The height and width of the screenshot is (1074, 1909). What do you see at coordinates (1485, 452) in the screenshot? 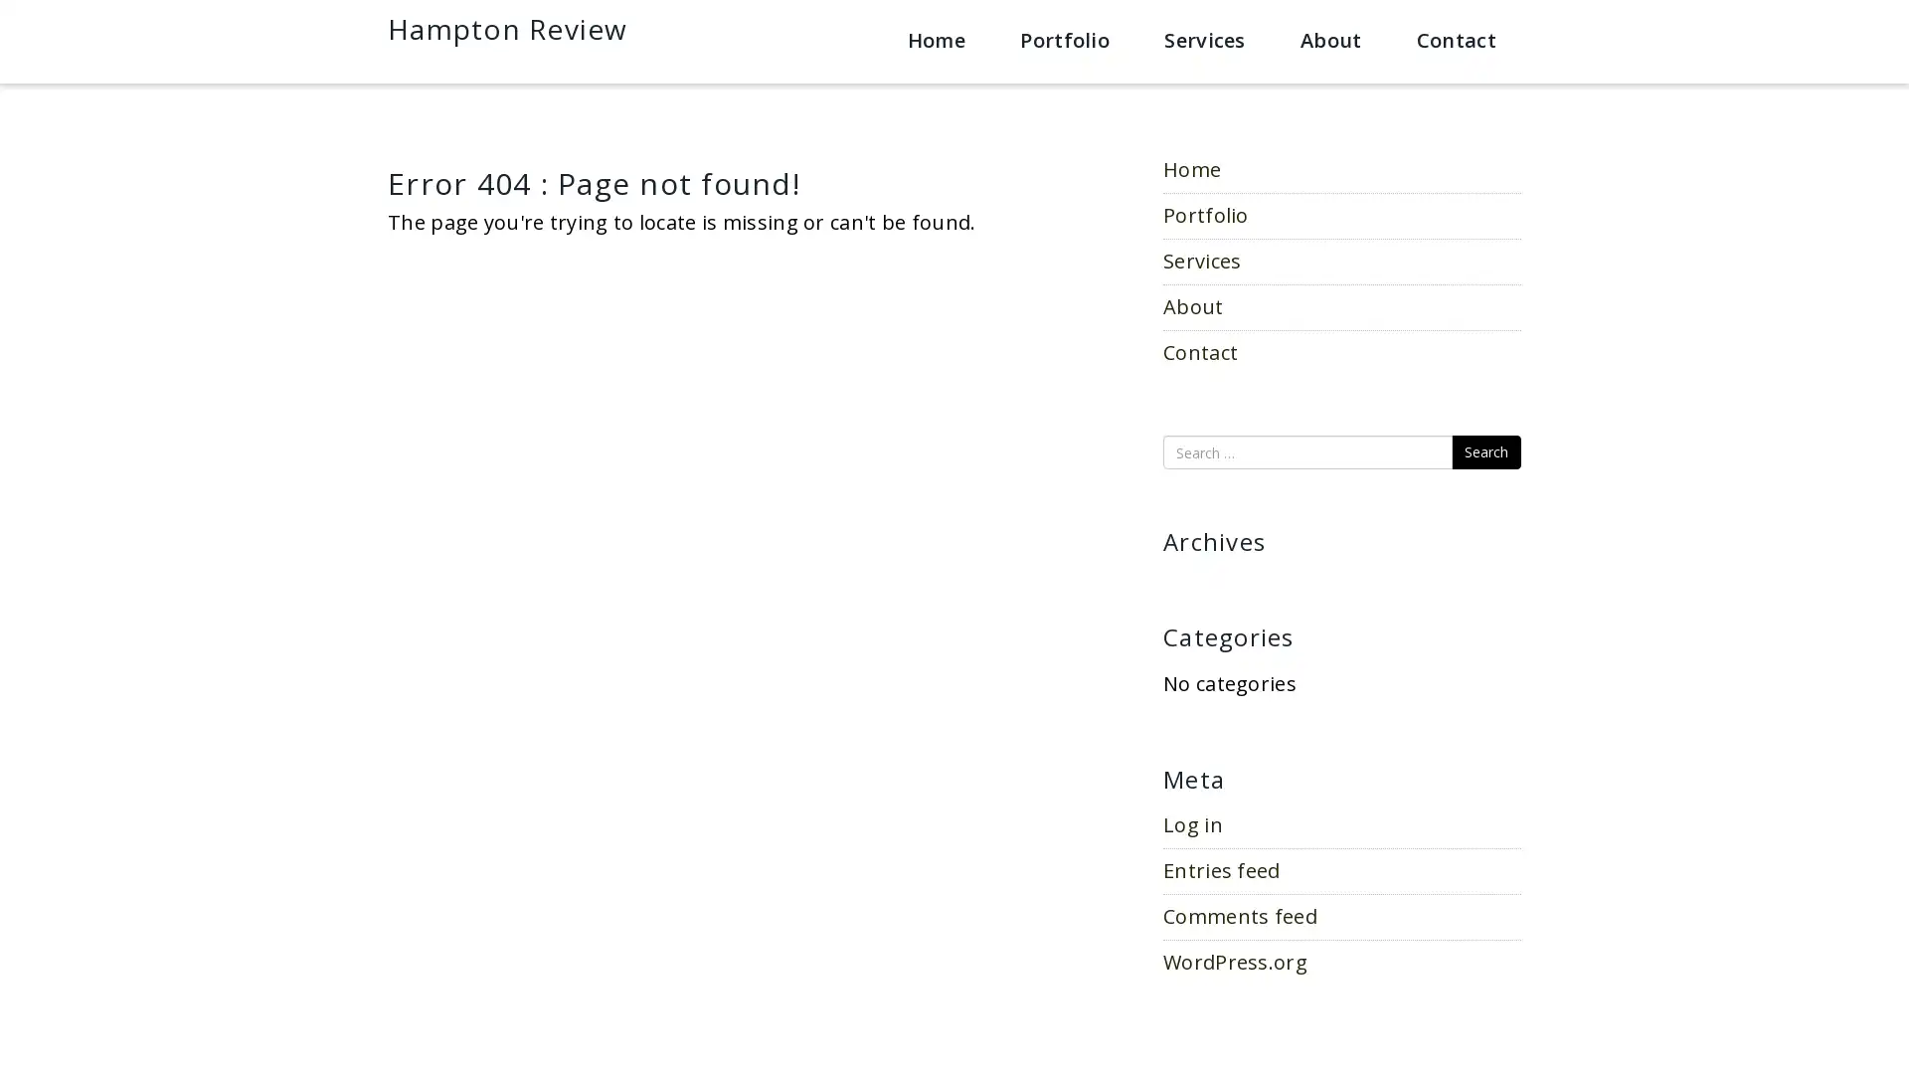
I see `Search` at bounding box center [1485, 452].